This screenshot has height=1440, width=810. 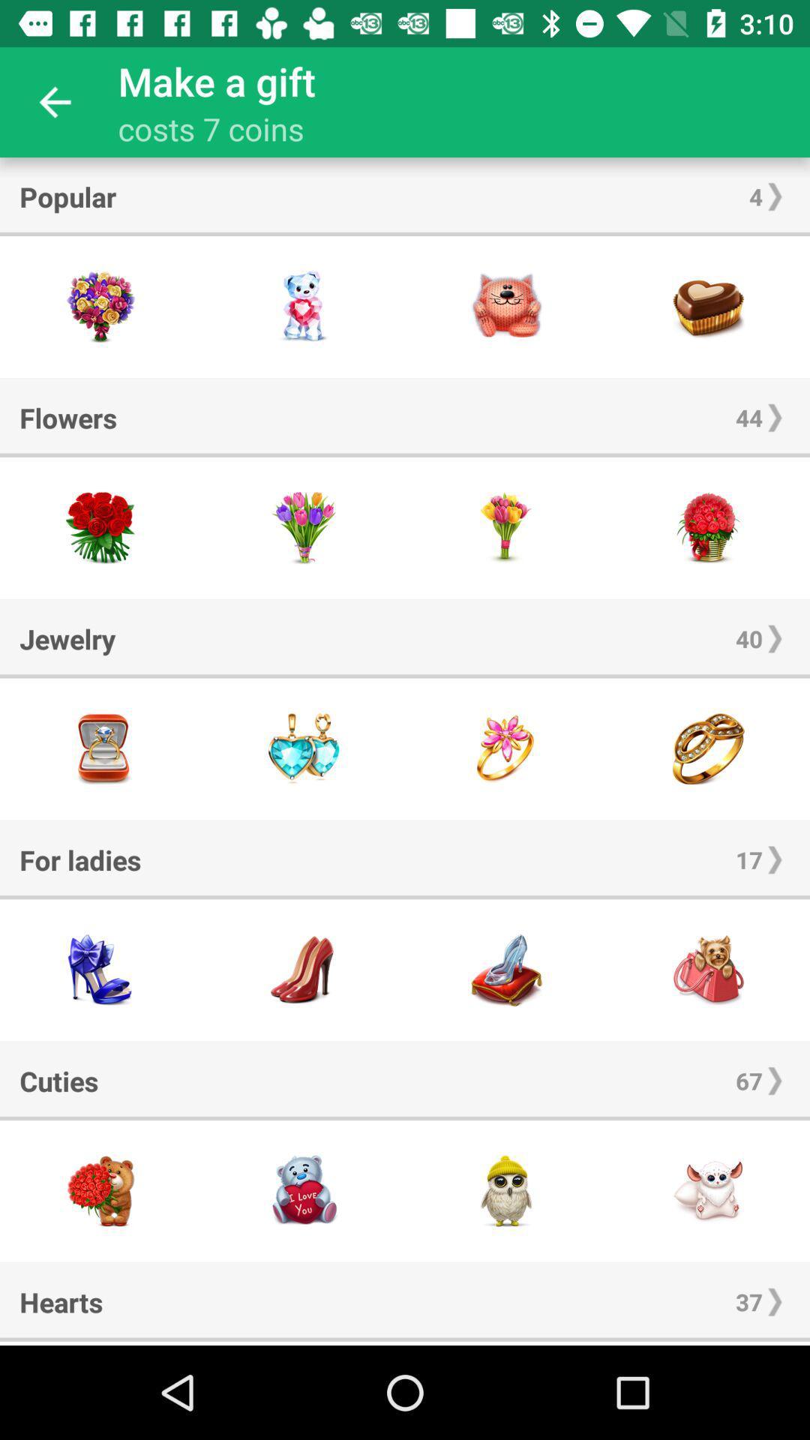 I want to click on cursor moving option, so click(x=304, y=1343).